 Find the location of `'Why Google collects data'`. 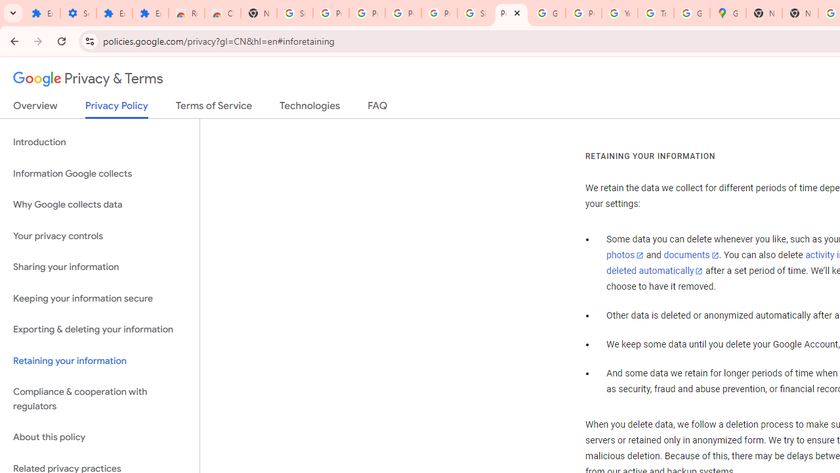

'Why Google collects data' is located at coordinates (99, 205).